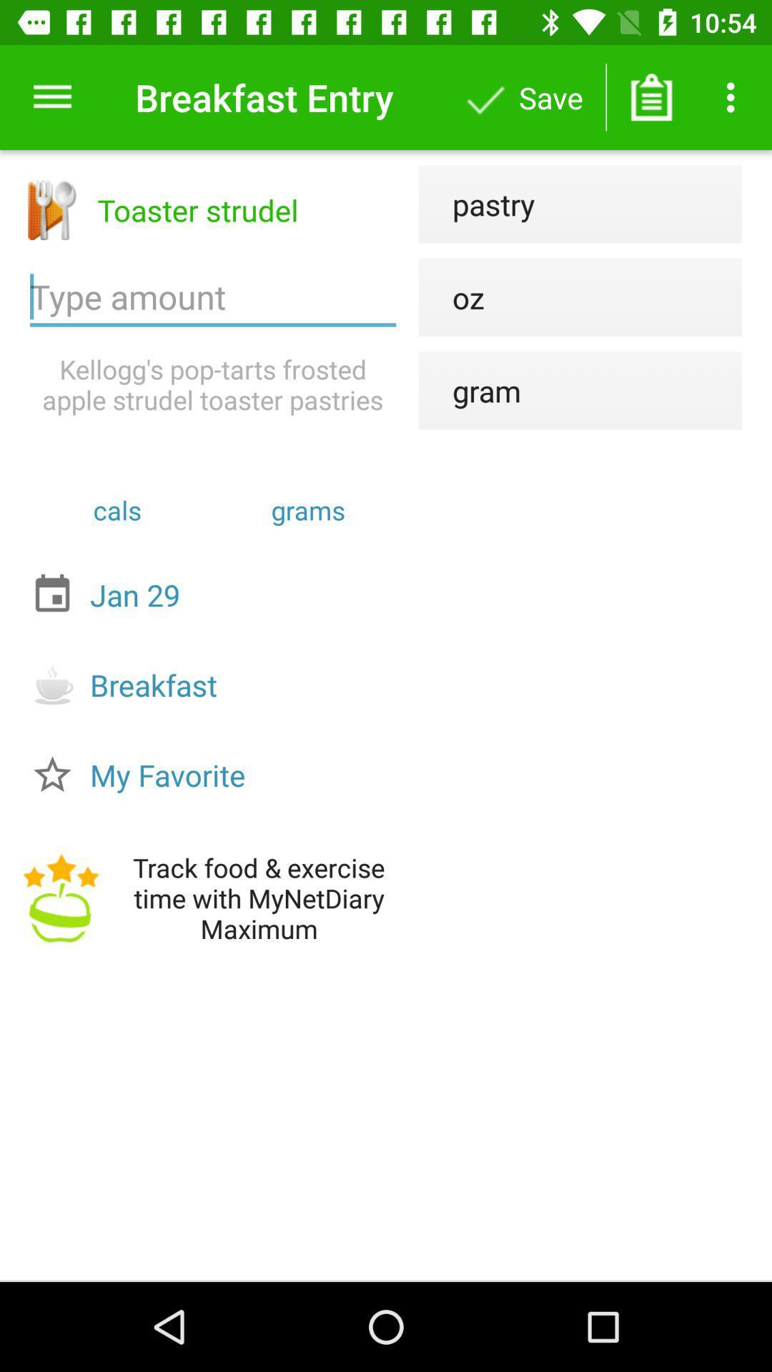  Describe the element at coordinates (217, 595) in the screenshot. I see `item below the cals` at that location.